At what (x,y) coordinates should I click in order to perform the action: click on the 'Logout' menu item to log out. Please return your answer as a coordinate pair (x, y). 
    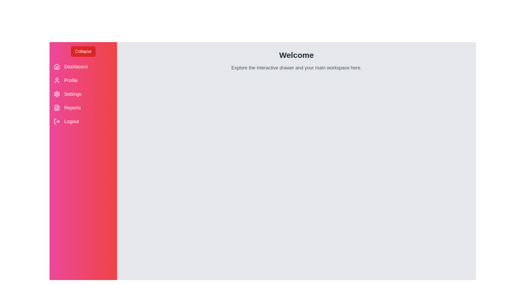
    Looking at the image, I should click on (83, 121).